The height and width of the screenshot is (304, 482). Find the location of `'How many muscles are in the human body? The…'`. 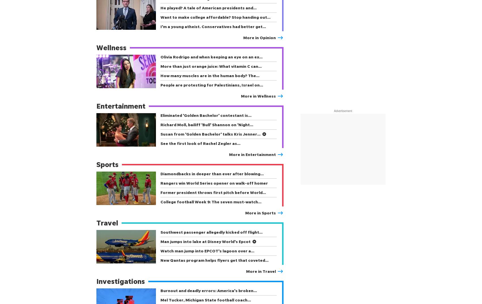

'How many muscles are in the human body? The…' is located at coordinates (210, 75).